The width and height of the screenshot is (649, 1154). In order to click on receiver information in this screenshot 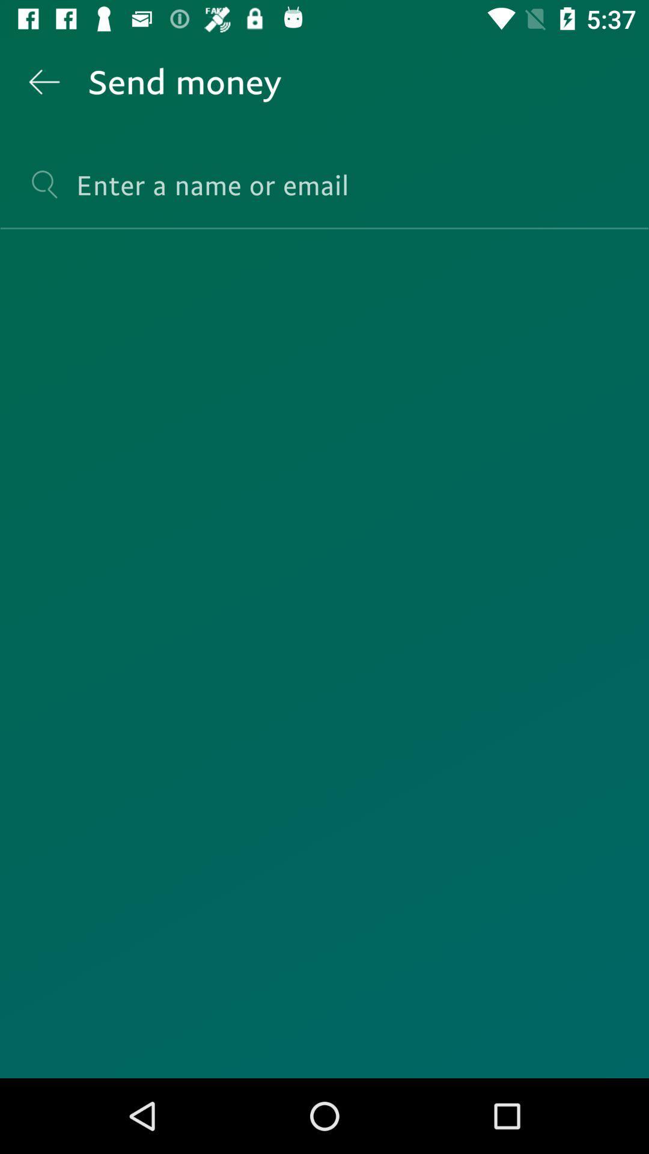, I will do `click(324, 195)`.